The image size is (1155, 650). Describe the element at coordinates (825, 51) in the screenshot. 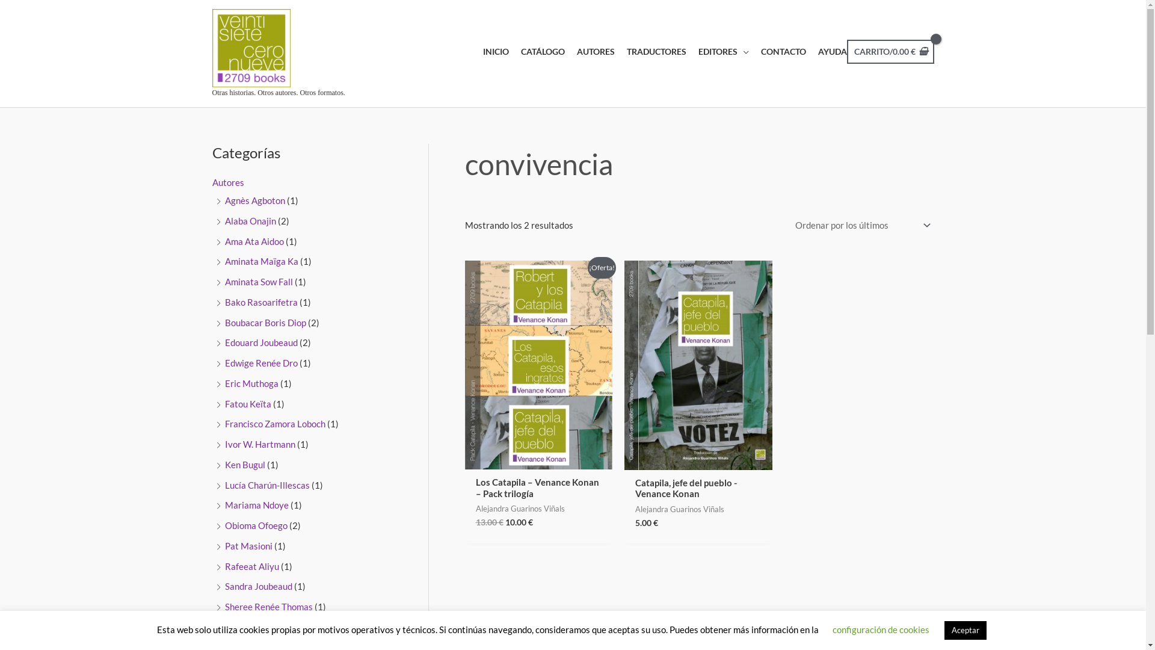

I see `'AYUDA'` at that location.